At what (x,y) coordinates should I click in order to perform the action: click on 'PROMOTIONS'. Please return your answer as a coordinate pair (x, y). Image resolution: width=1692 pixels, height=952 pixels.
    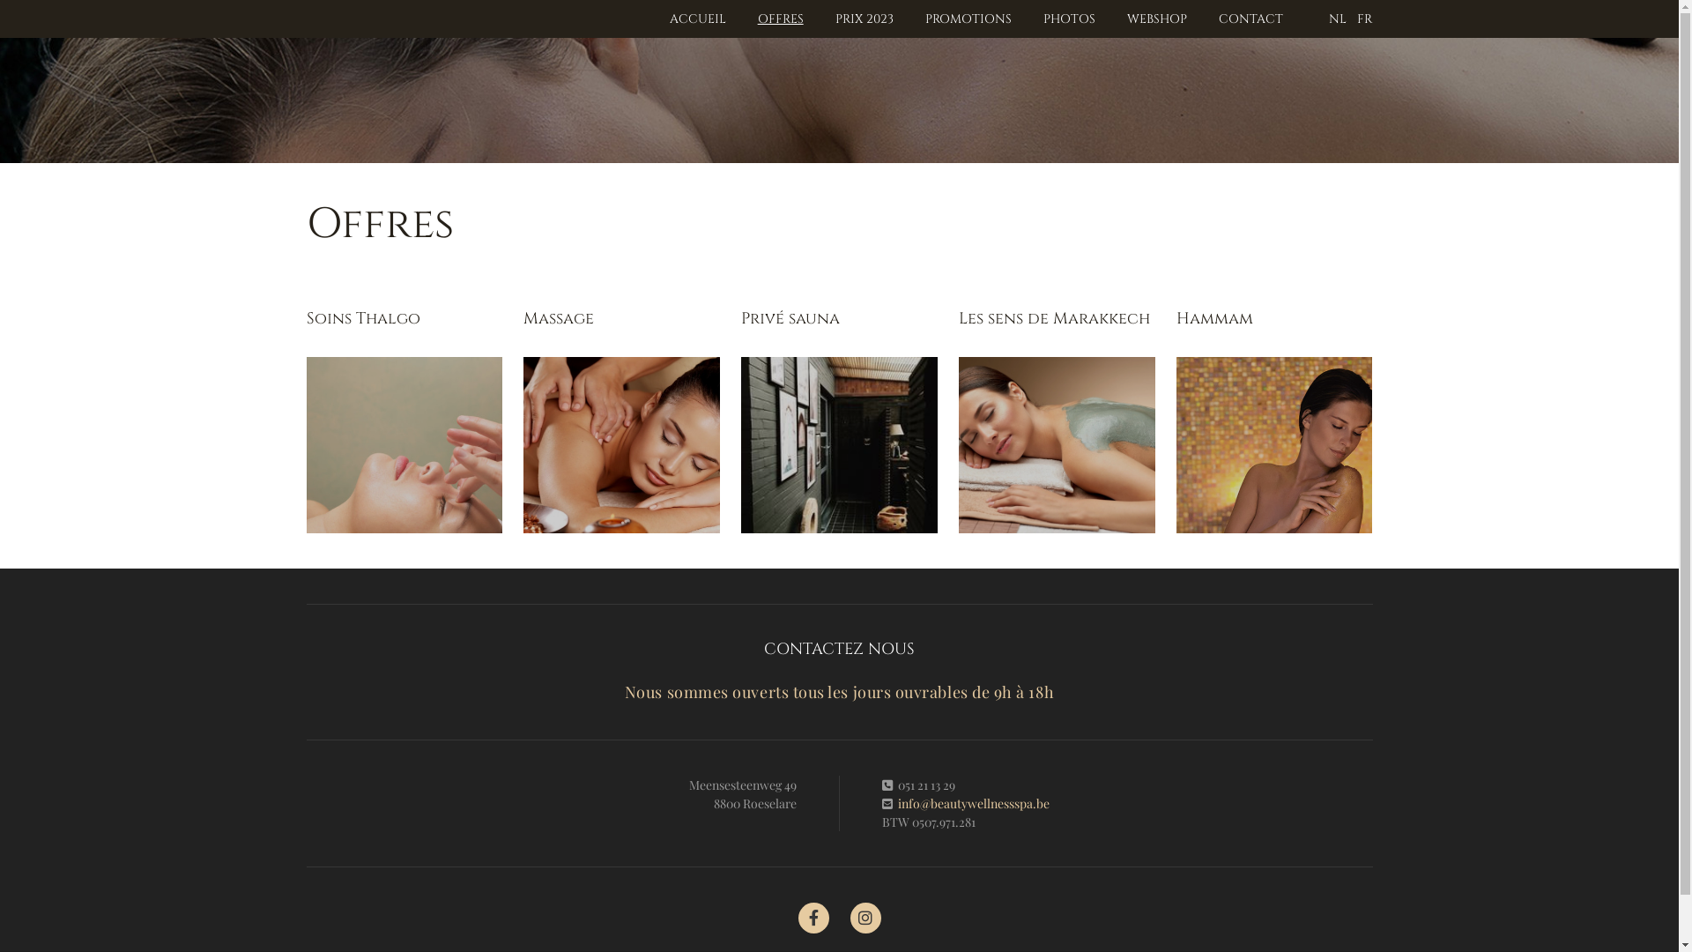
    Looking at the image, I should click on (968, 19).